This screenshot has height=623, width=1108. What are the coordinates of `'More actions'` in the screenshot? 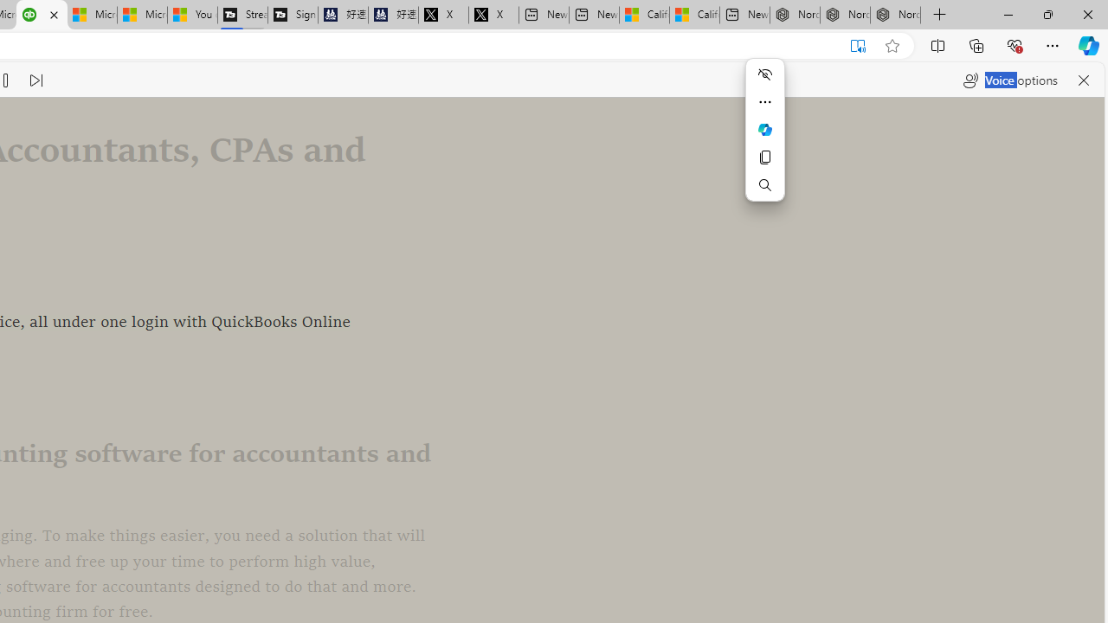 It's located at (763, 102).